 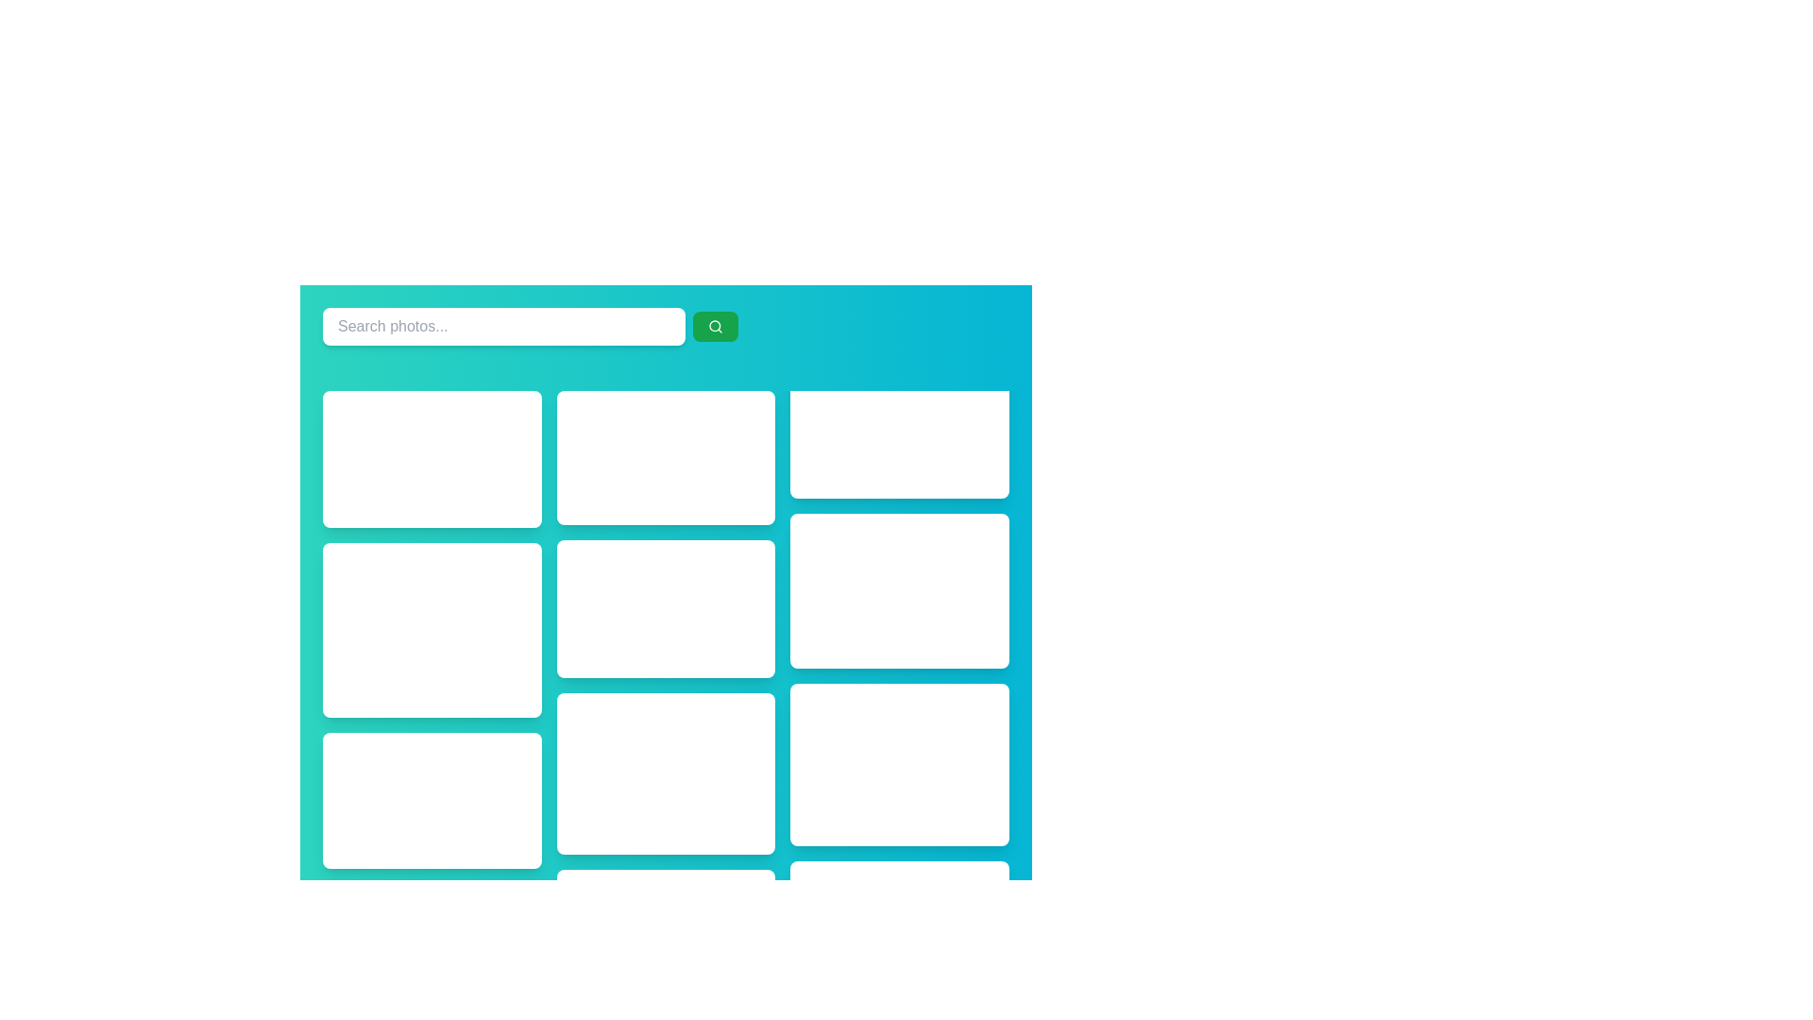 What do you see at coordinates (715, 326) in the screenshot?
I see `the search trigger button located immediately to the right of the search input field, which provides visual feedback when hovered over` at bounding box center [715, 326].